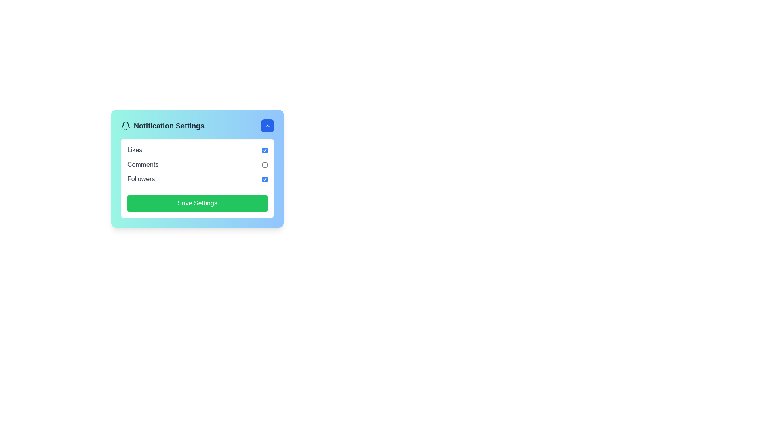 The width and height of the screenshot is (776, 436). I want to click on the checkbox associated with the 'Followers' notification setting, so click(197, 178).